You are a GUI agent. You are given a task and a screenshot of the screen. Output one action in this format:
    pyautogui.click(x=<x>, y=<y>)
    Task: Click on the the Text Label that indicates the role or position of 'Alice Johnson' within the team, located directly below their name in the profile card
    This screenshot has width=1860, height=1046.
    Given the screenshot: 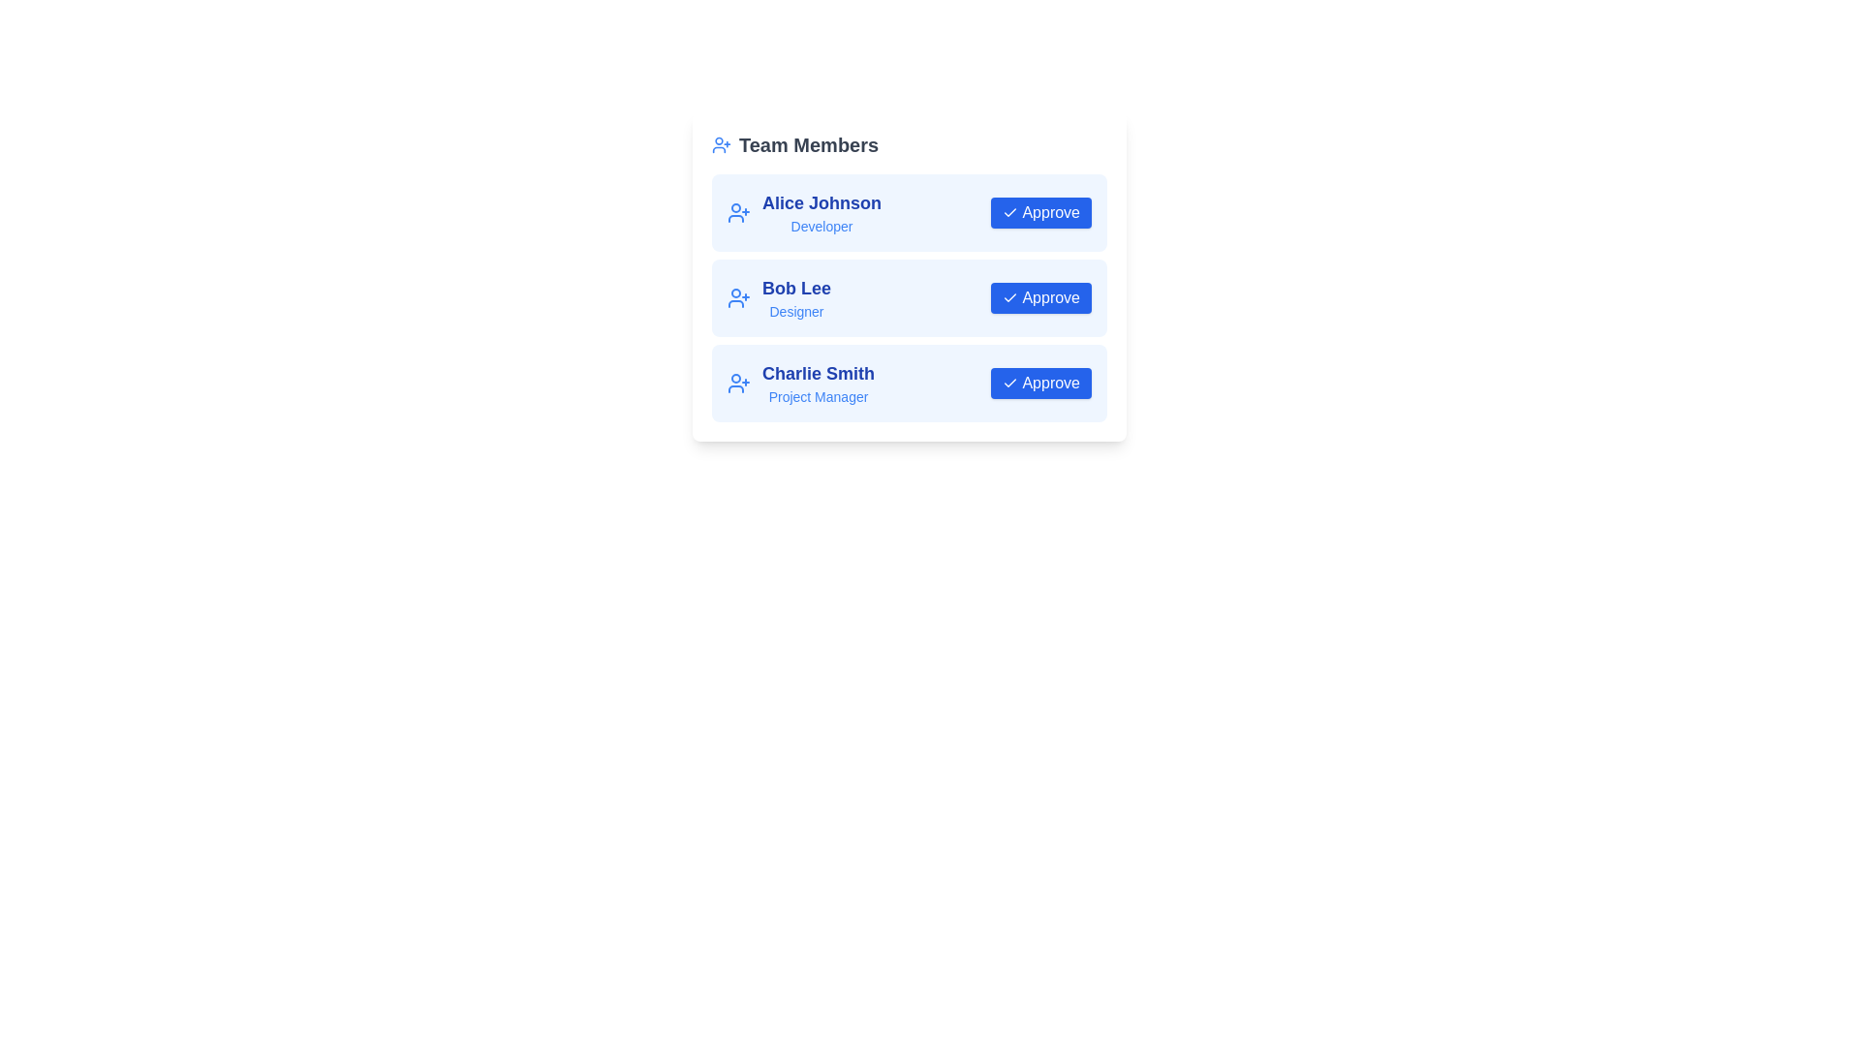 What is the action you would take?
    pyautogui.click(x=821, y=226)
    